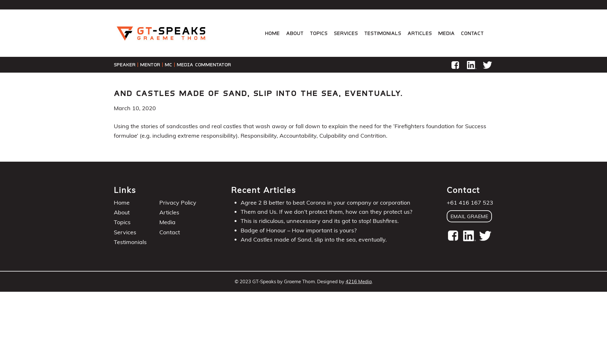 Image resolution: width=607 pixels, height=341 pixels. I want to click on 'Privacy Policy', so click(177, 202).